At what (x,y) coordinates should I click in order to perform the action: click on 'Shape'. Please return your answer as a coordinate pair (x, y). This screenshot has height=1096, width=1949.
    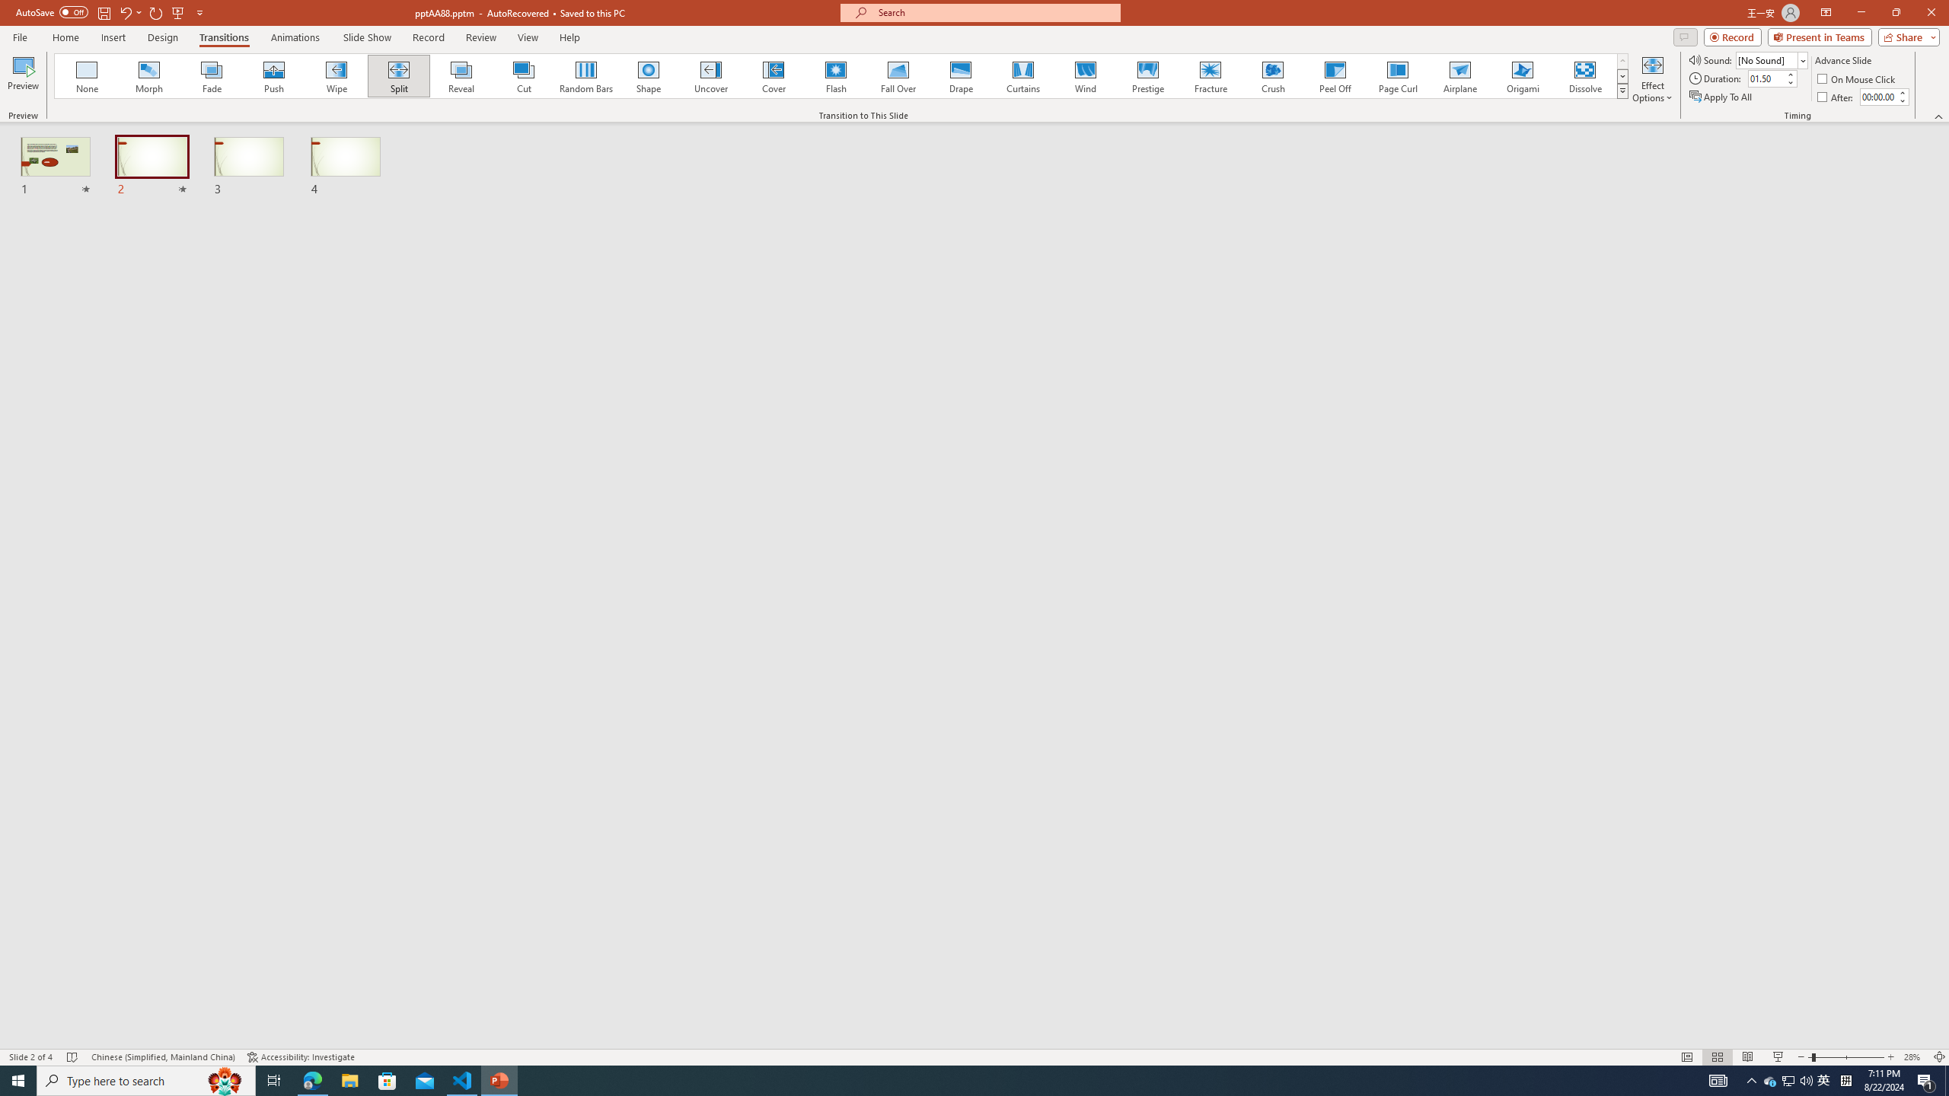
    Looking at the image, I should click on (648, 75).